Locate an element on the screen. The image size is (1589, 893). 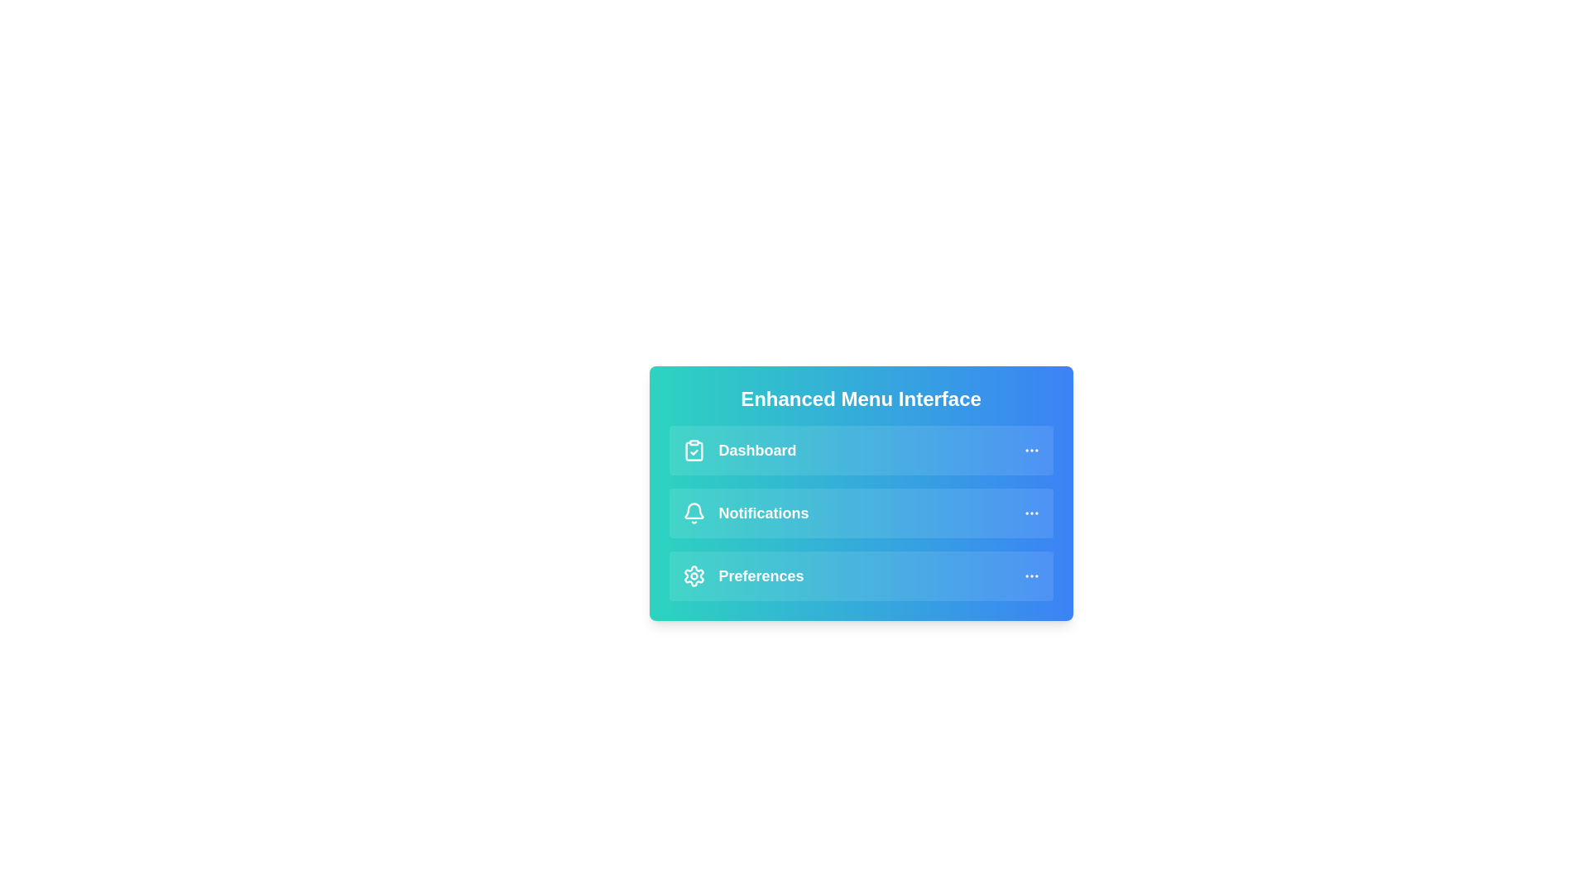
the 'Dashboard' text label in the menu, which is positioned to the right of the clipboard icon and to the left of the vertical ellipsis button is located at coordinates (756, 450).